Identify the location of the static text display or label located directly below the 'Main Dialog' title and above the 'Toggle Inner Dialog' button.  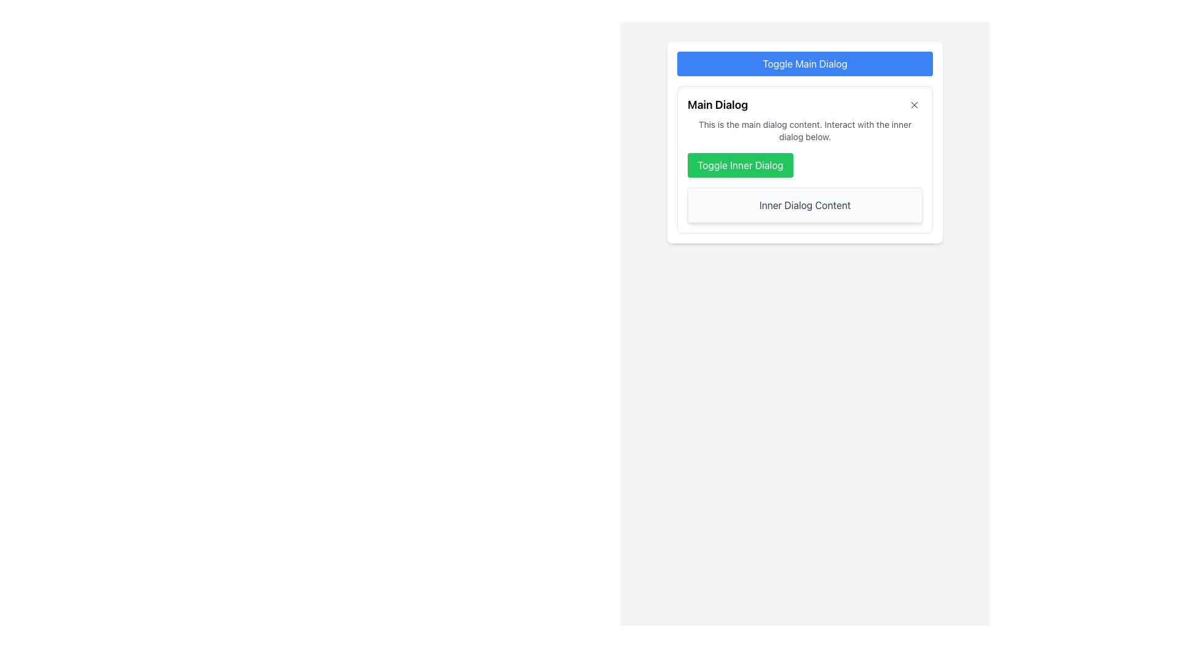
(805, 130).